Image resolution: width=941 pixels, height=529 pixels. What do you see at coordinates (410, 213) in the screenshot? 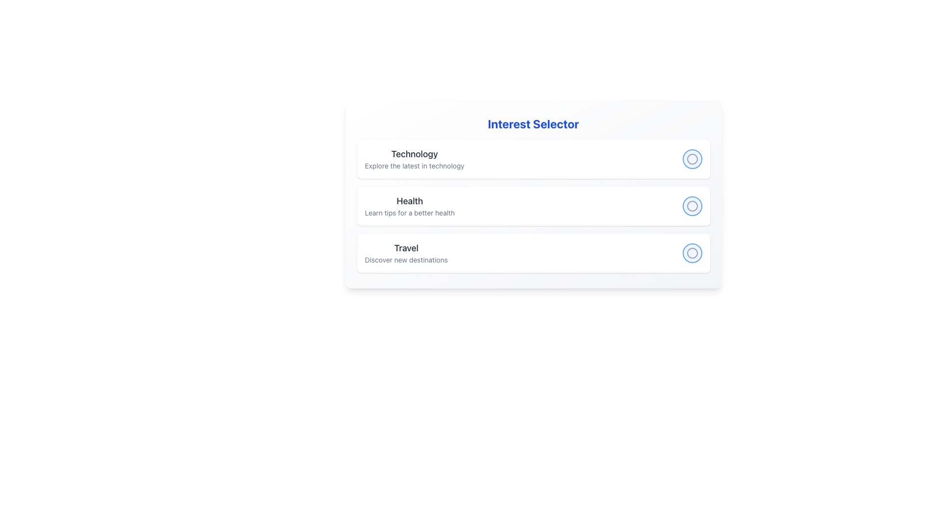
I see `the text component displaying 'Learn tips for a better health' located under the 'Health' header in the second option card` at bounding box center [410, 213].